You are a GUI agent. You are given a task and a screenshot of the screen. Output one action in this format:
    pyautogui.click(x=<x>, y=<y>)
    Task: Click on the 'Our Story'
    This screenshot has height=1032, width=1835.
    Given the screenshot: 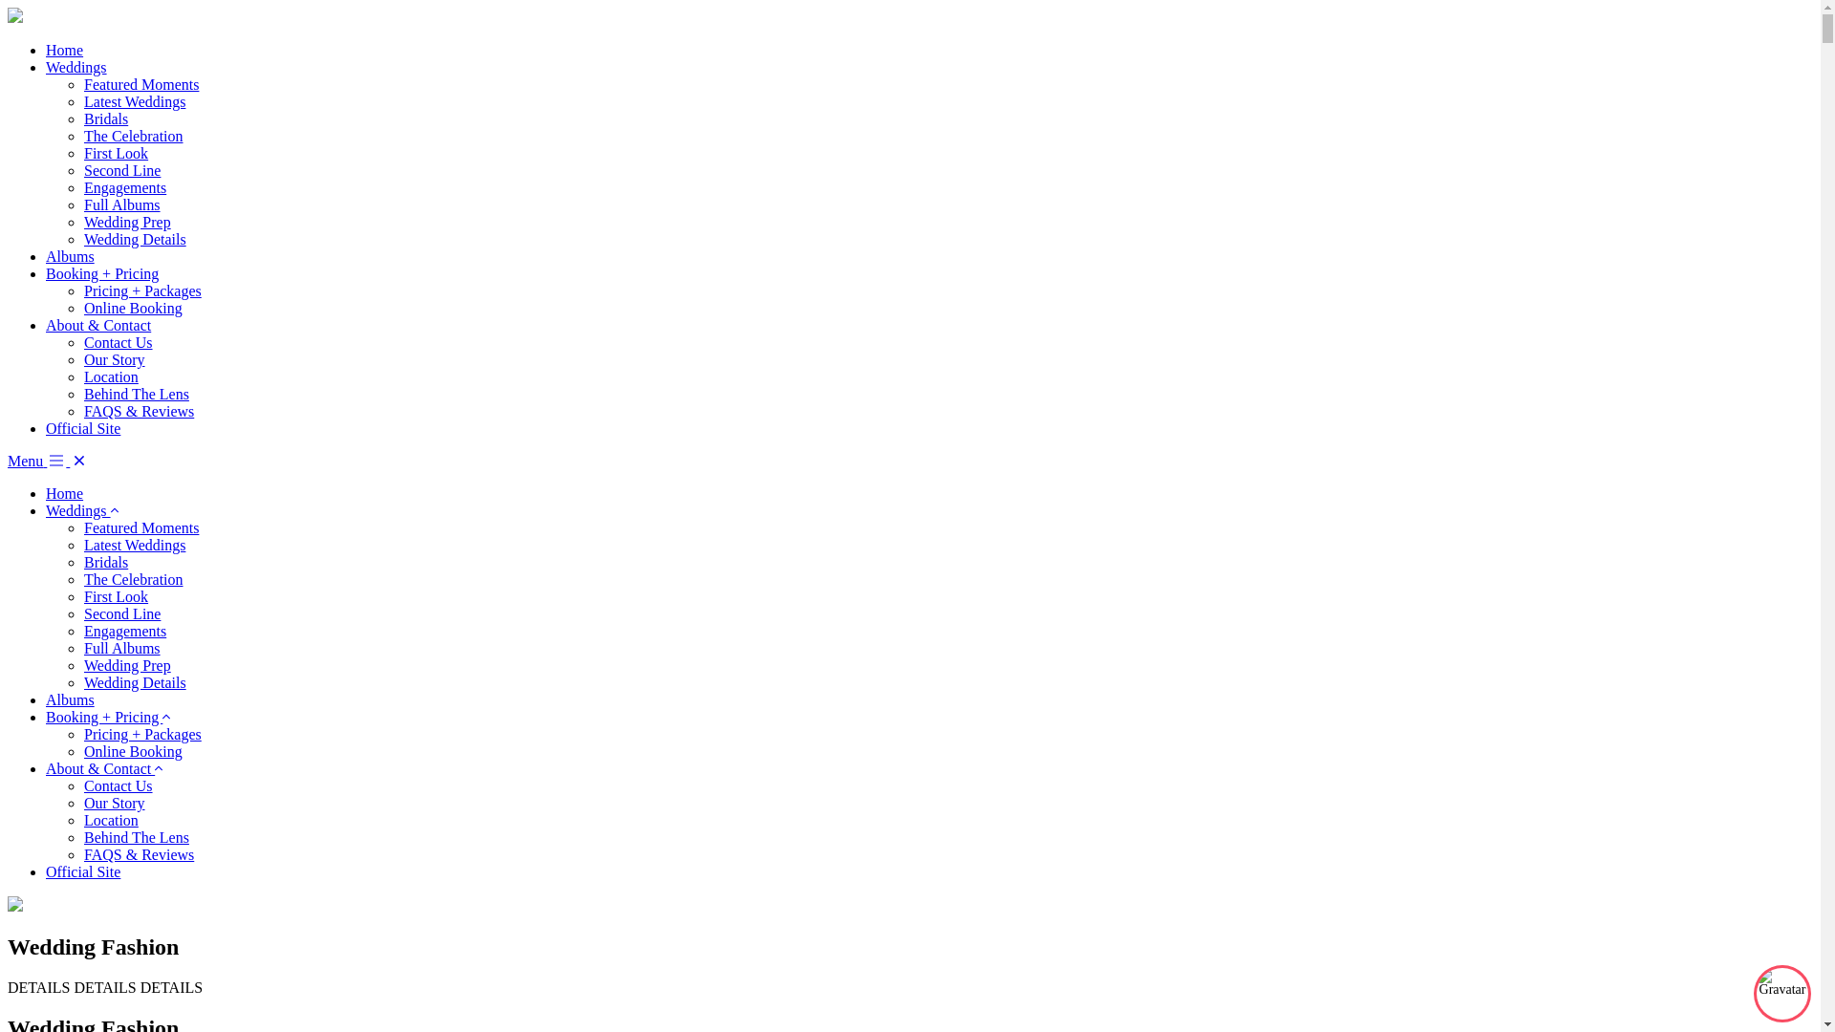 What is the action you would take?
    pyautogui.click(x=82, y=803)
    